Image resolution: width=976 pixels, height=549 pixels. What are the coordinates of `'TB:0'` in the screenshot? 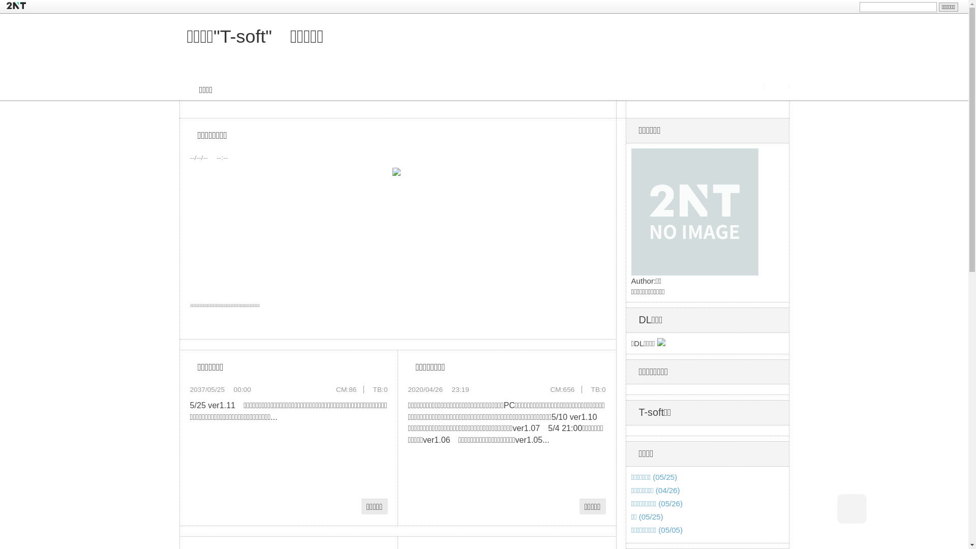 It's located at (598, 389).